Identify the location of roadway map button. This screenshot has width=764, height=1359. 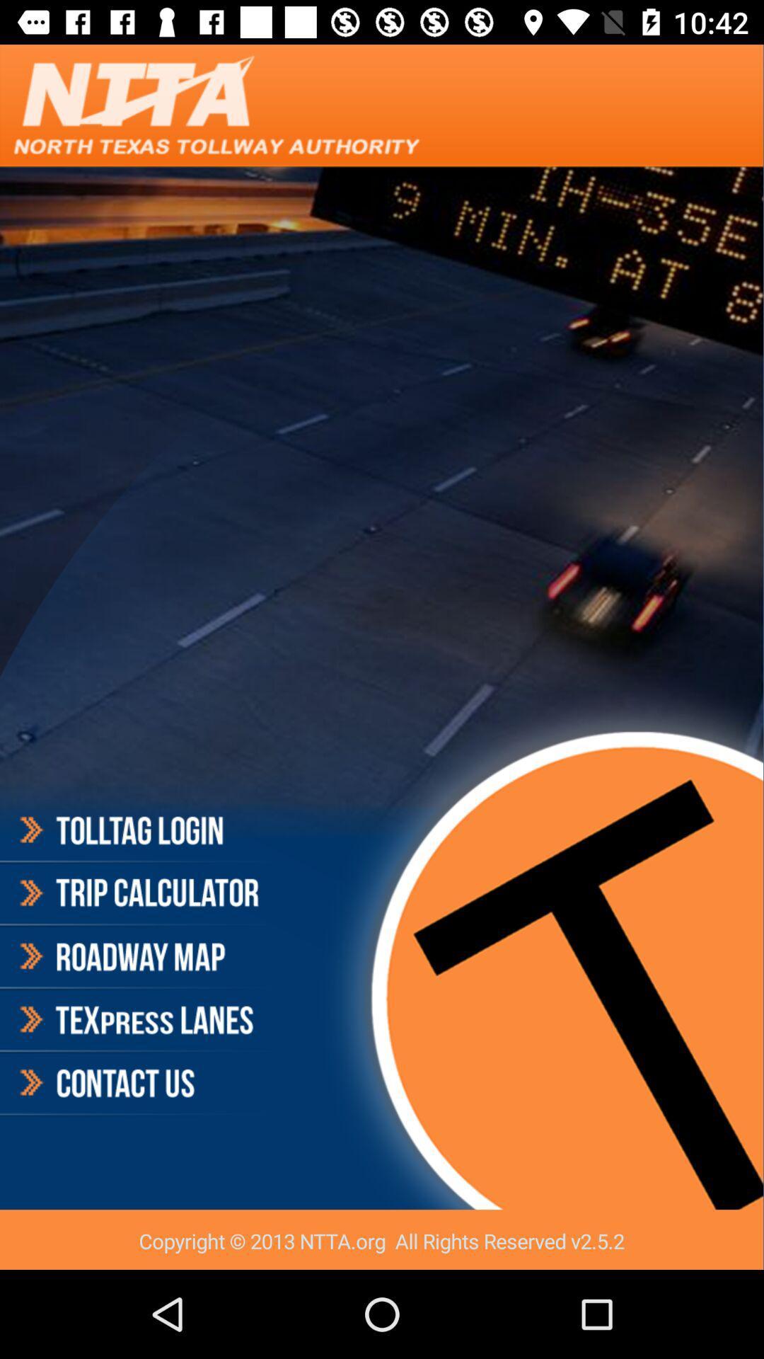
(137, 957).